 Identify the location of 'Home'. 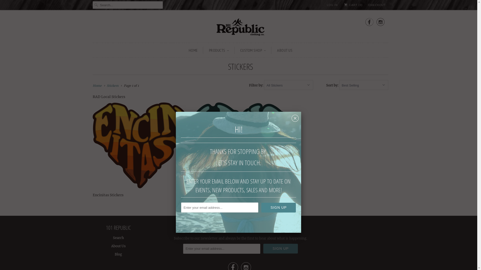
(97, 85).